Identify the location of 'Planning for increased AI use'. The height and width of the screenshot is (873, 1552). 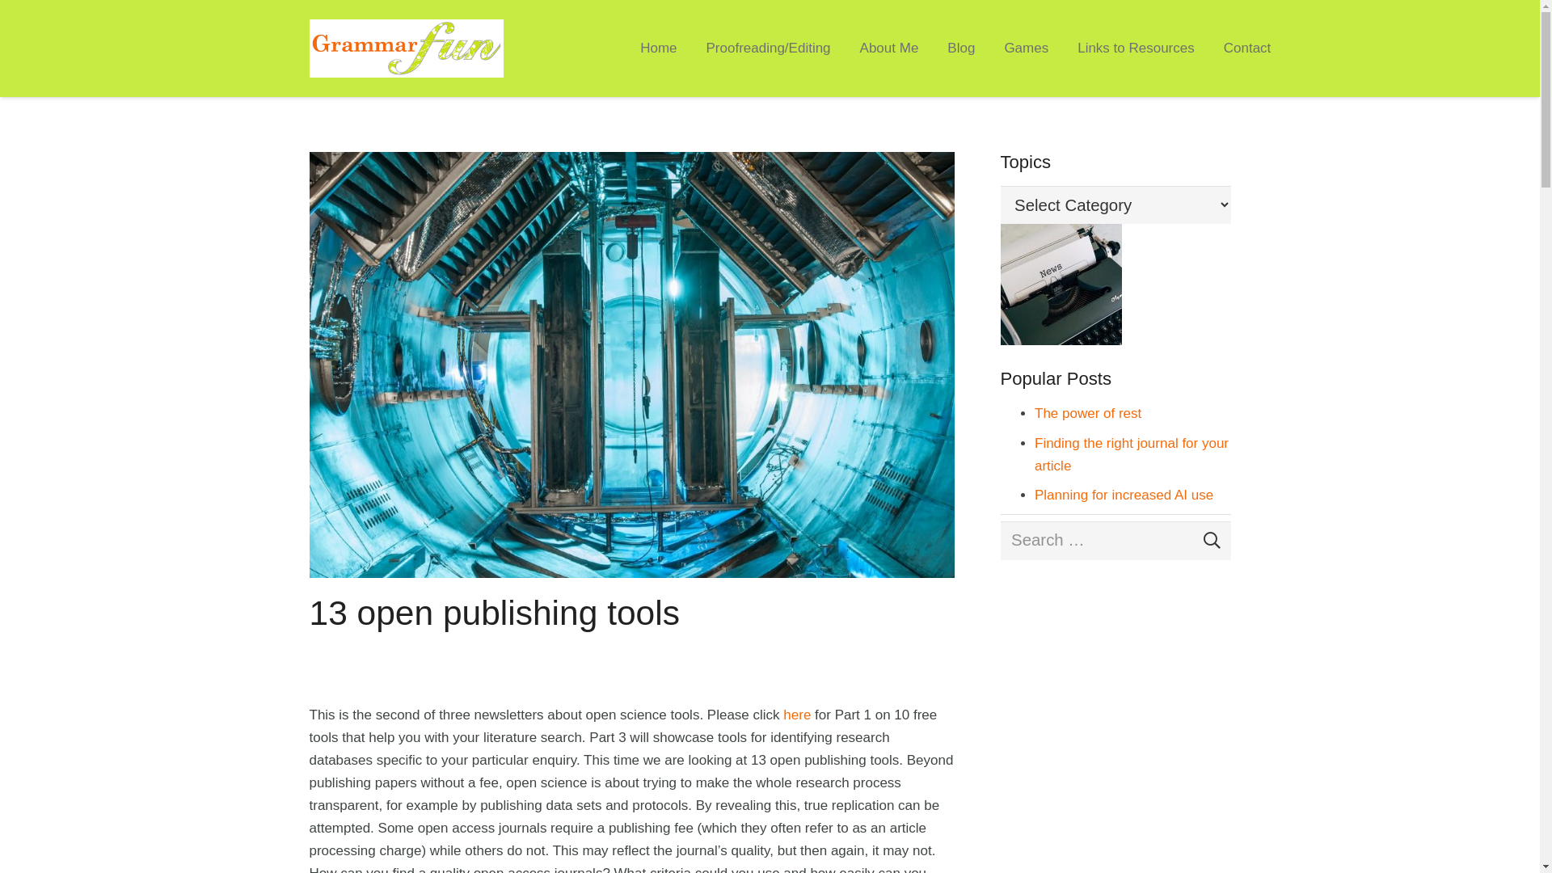
(1035, 494).